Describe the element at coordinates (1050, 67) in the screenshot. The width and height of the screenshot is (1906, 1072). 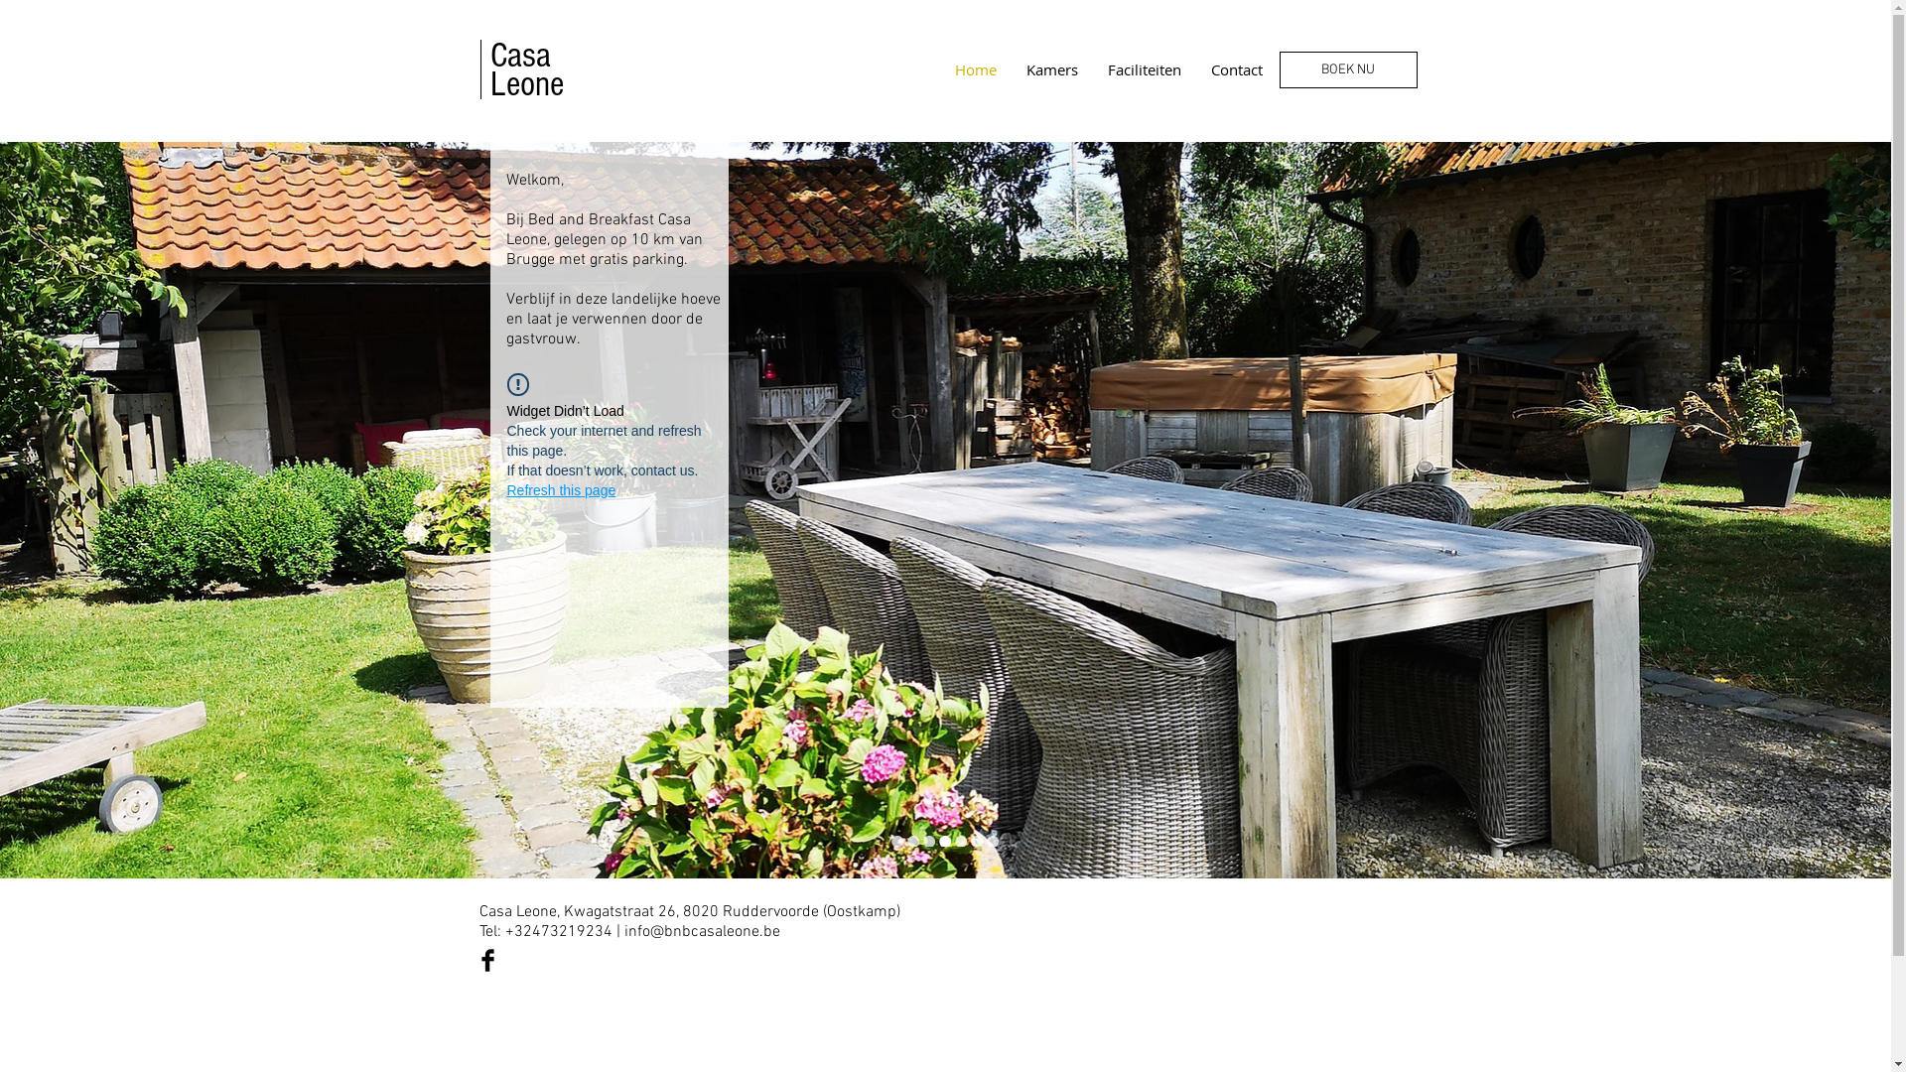
I see `'Kamers'` at that location.